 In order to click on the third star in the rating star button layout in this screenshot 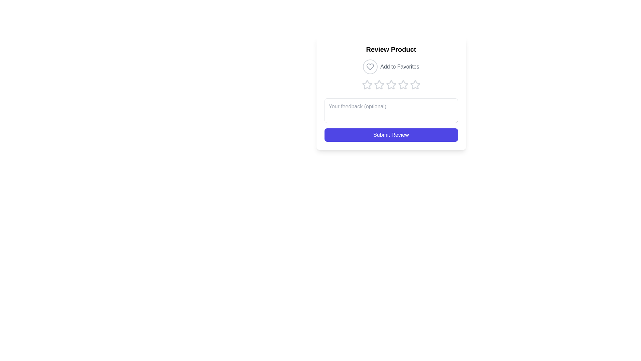, I will do `click(391, 85)`.